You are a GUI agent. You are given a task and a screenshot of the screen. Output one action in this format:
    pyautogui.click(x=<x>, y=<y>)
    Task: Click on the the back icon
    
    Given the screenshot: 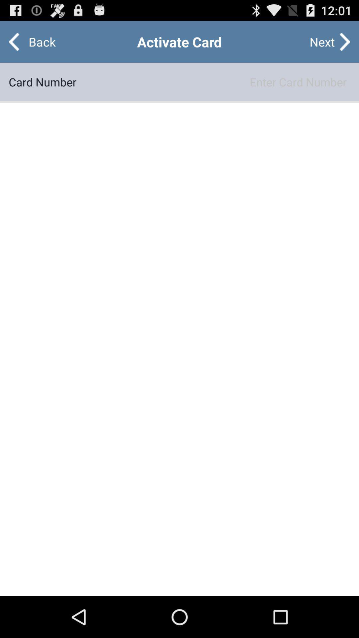 What is the action you would take?
    pyautogui.click(x=37, y=41)
    